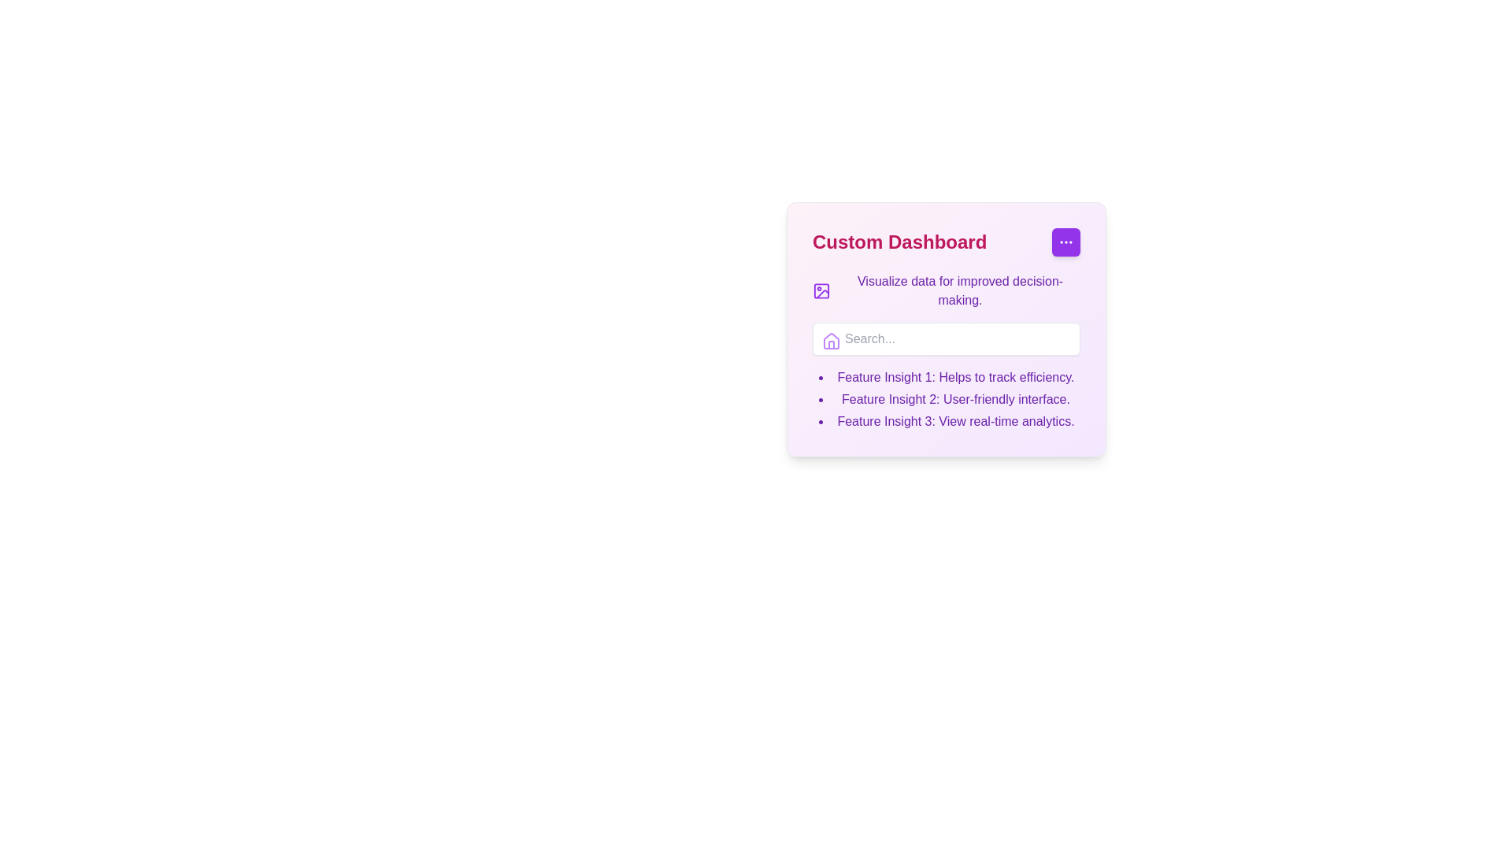 This screenshot has width=1512, height=850. I want to click on the ellipsis icon in the upper-right corner of the 'Custom Dashboard' card, so click(1065, 242).